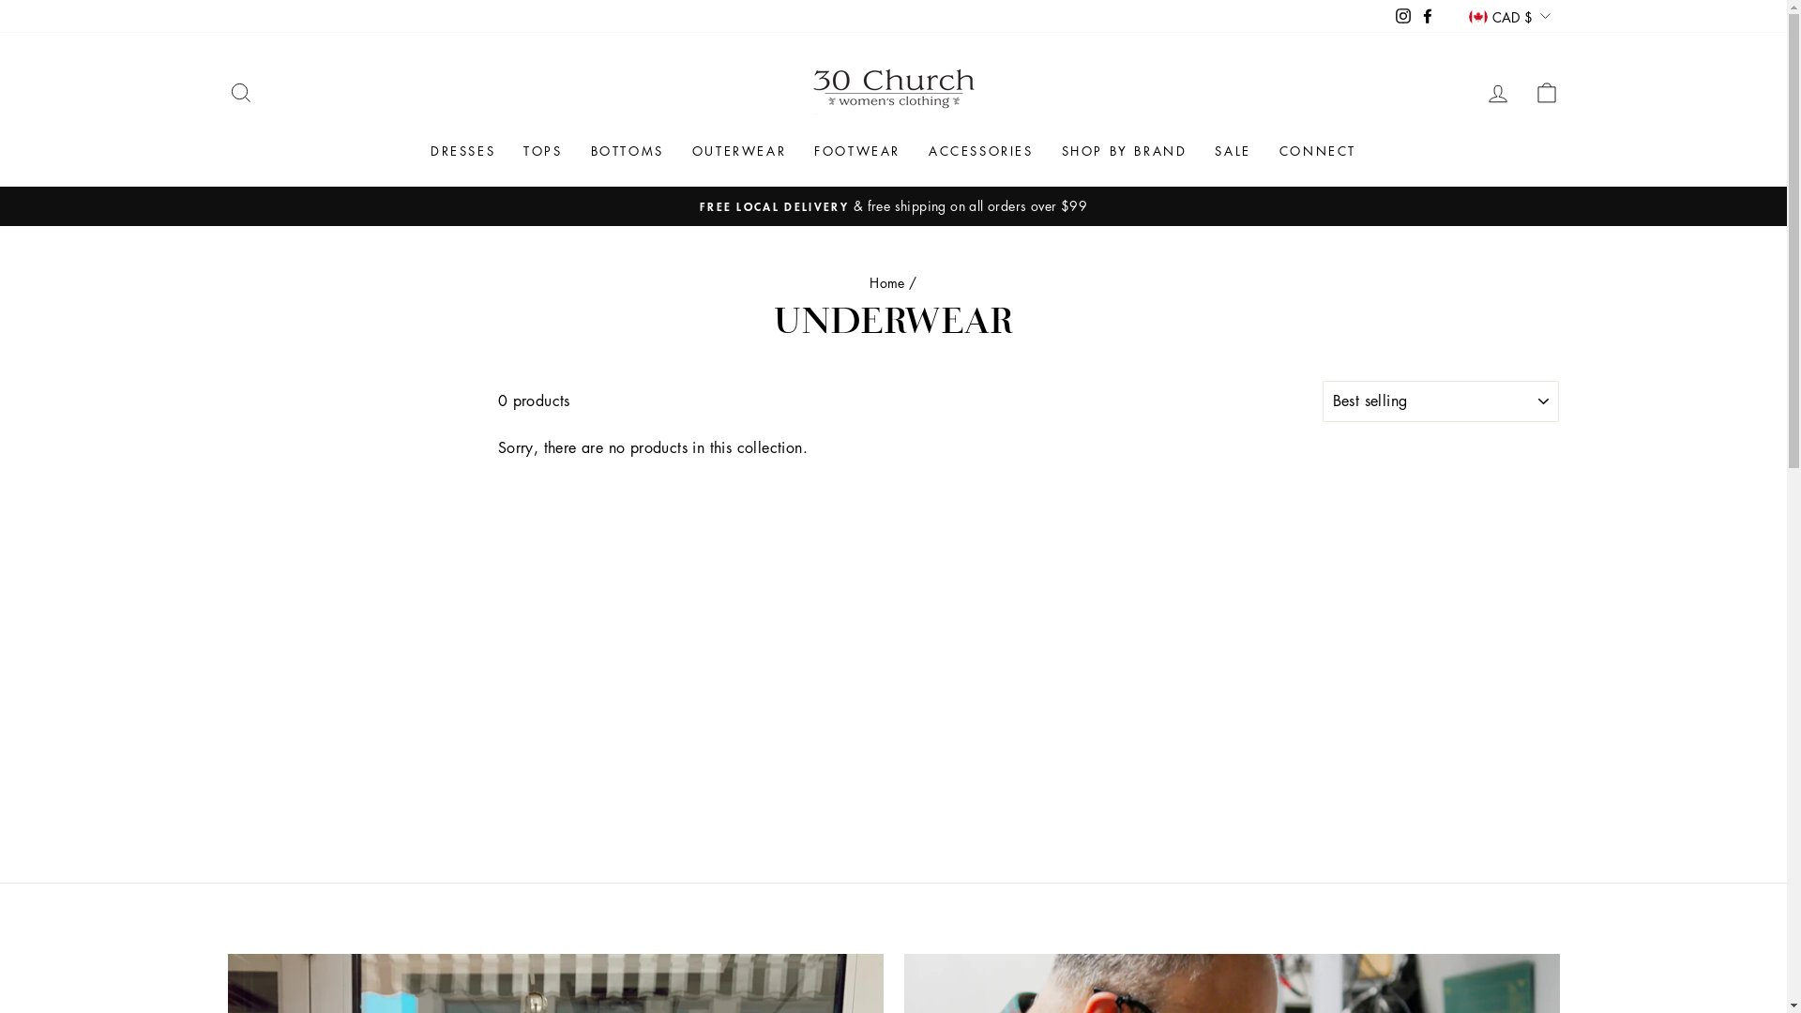  Describe the element at coordinates (980, 151) in the screenshot. I see `'ACCESSORIES'` at that location.